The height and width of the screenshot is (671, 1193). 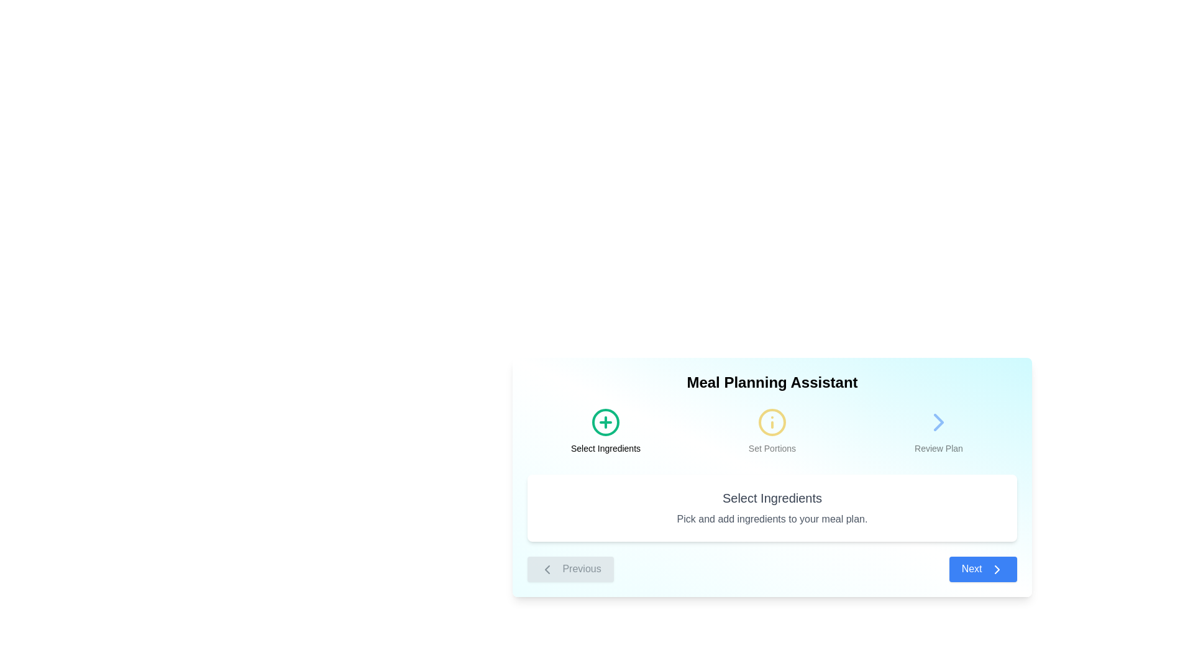 I want to click on the 'Next' button in the lower-right corner of the meal planning assistant interface, so click(x=982, y=569).